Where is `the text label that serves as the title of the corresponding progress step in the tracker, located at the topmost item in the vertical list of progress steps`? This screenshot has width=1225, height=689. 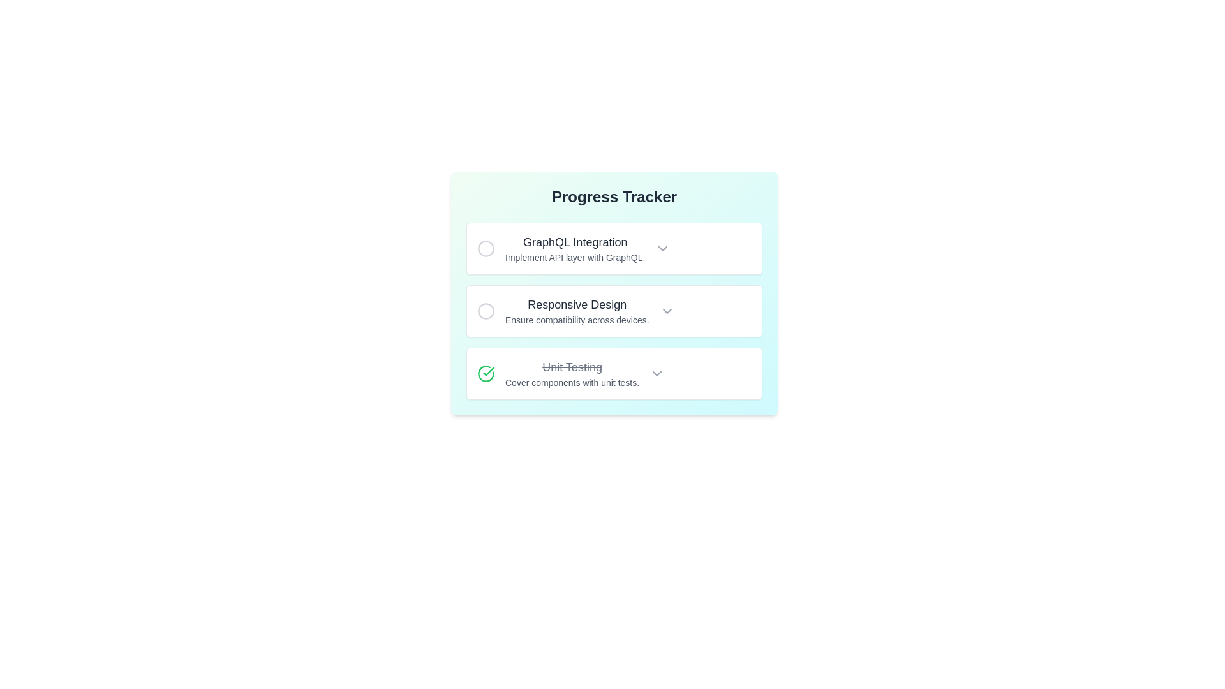
the text label that serves as the title of the corresponding progress step in the tracker, located at the topmost item in the vertical list of progress steps is located at coordinates (574, 242).